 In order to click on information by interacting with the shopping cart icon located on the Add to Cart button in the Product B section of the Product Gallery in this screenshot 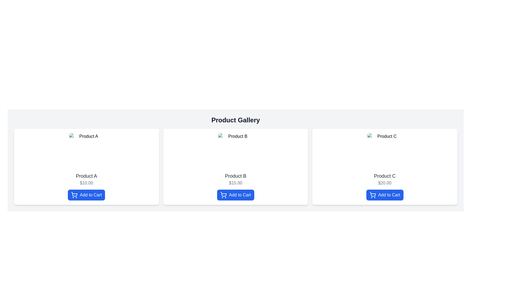, I will do `click(224, 195)`.